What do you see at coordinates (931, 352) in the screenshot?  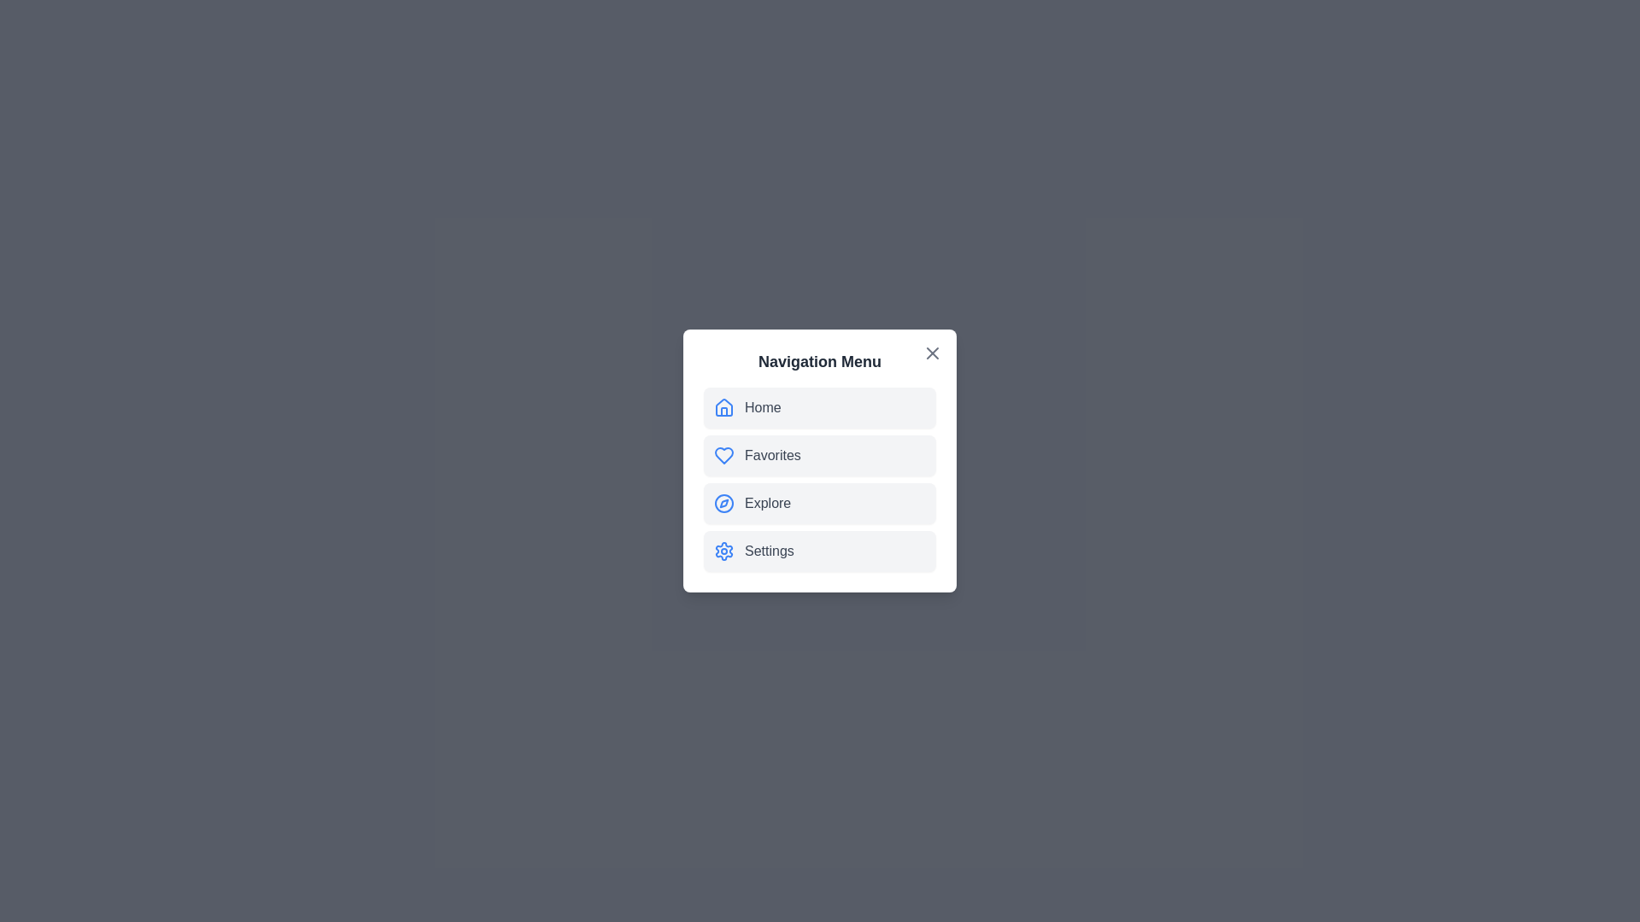 I see `close button located at the top-right corner of the dialog` at bounding box center [931, 352].